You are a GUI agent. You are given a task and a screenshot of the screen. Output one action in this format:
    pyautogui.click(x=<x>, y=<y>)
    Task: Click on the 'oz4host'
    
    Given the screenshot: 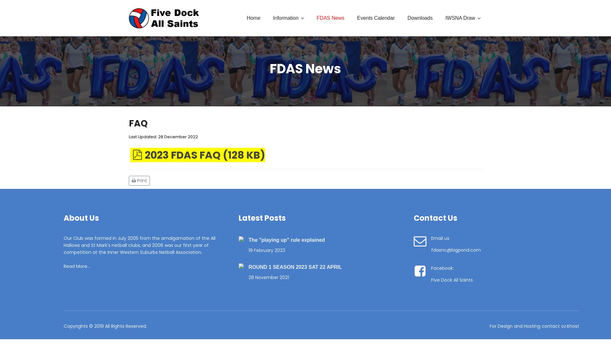 What is the action you would take?
    pyautogui.click(x=561, y=326)
    